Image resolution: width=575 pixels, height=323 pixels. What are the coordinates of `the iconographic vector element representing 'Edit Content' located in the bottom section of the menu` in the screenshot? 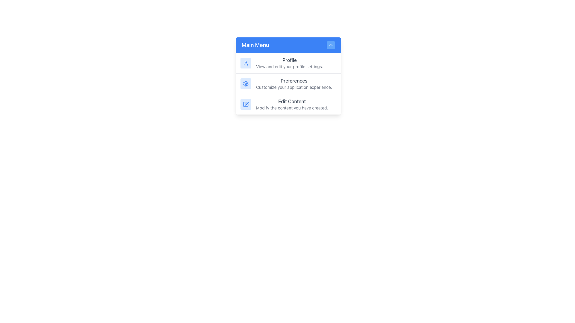 It's located at (246, 104).